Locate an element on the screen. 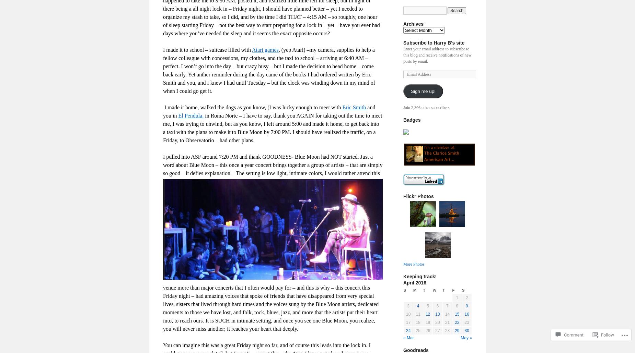 The width and height of the screenshot is (635, 353). 'The setting is low light, intimate colors, I would rather attend this venue more than major concerts that I often would pay for – and this is why – this concert this Friday night – had amazing voices that spoke of friends that have disappeared from very special lives, sisters that lived through hard times and the voices sung by the Blue Moon artists, dedicated moments to those we have lost, and folk, rock, blues, jazz, and more that the artists put their heart into, to reach ours. It is SUCH in intimate setting, and once you see one Blue Moon, you realize, you will never miss another; it reaches your heart that deeply.' is located at coordinates (163, 251).